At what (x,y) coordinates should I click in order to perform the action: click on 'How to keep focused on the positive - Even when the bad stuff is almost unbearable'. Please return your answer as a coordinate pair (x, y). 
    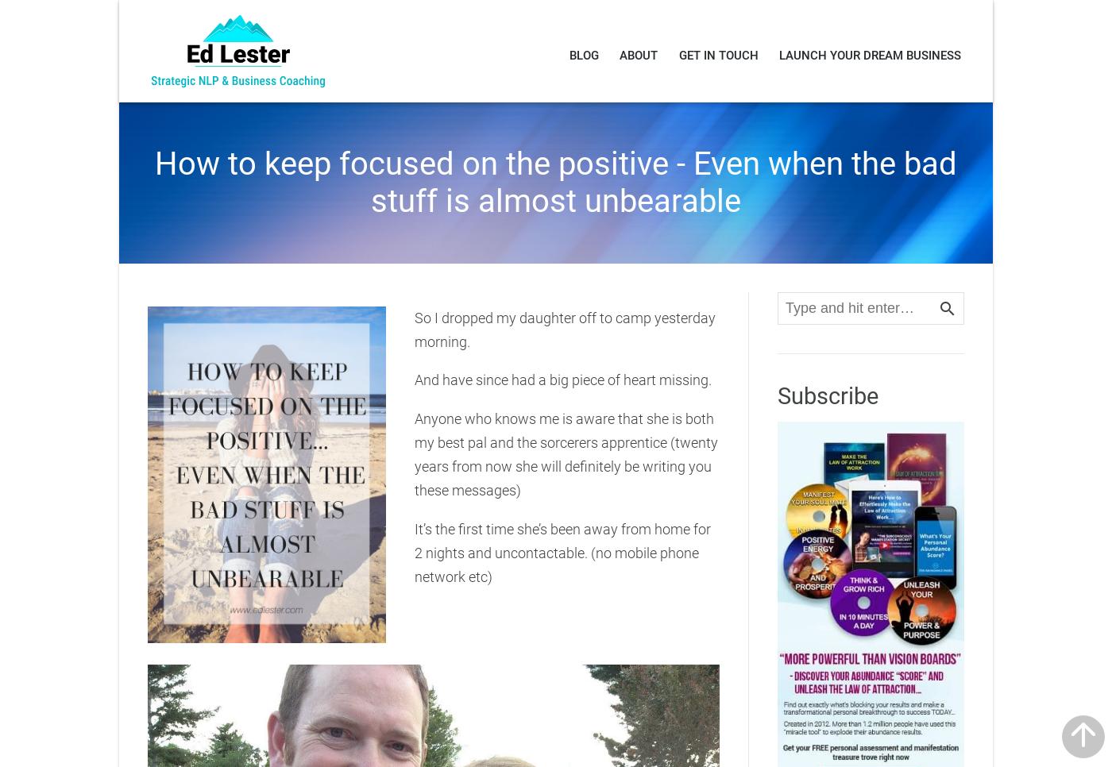
    Looking at the image, I should click on (556, 181).